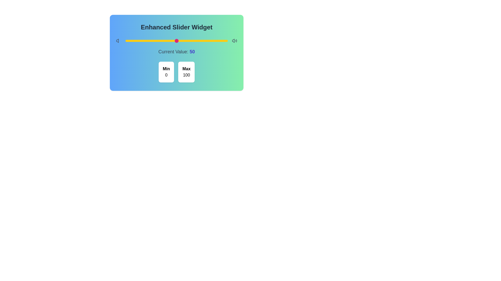  I want to click on the slider to set its value to 52, so click(178, 41).